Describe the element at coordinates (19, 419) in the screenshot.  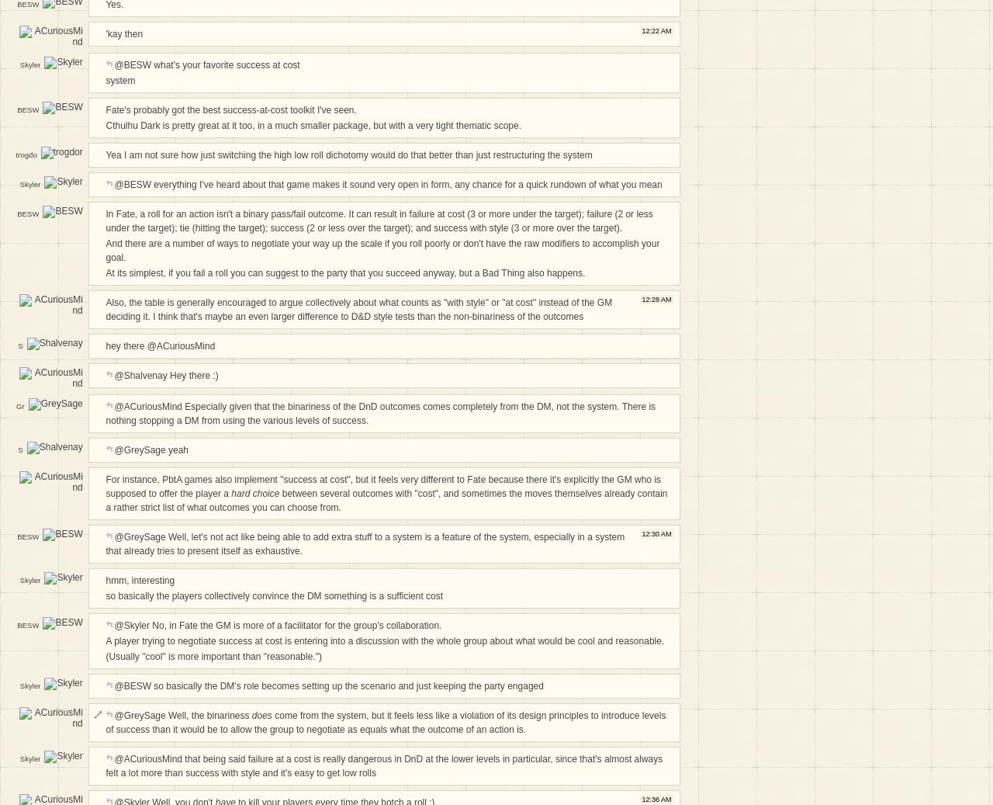
I see `'GreySage'` at that location.